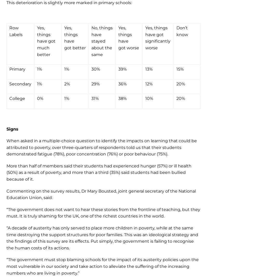 This screenshot has height=279, width=272. Describe the element at coordinates (6, 212) in the screenshot. I see `'“The government does not want to hear these stories from the frontline of teaching, but they must. It is truly shaming for the UK, one of the richest countries in the world.'` at that location.